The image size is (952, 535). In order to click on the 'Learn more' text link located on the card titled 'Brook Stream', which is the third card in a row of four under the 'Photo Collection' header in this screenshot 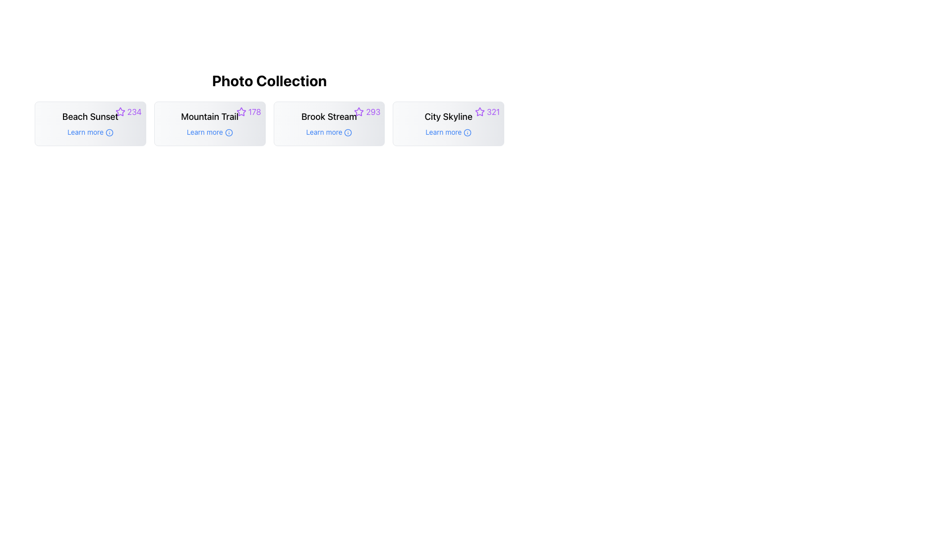, I will do `click(329, 123)`.